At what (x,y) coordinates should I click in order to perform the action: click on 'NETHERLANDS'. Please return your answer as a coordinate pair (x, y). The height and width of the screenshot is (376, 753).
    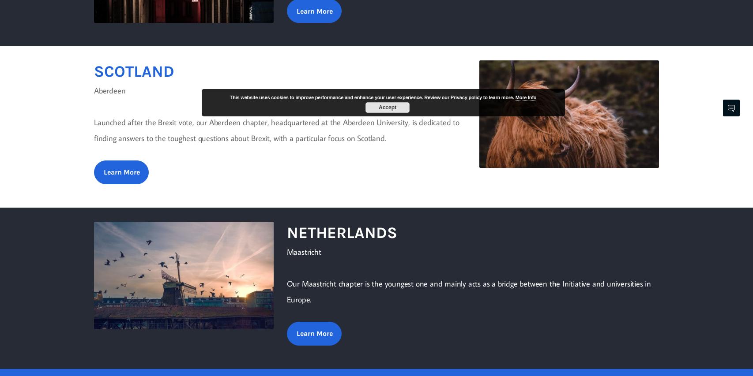
    Looking at the image, I should click on (341, 232).